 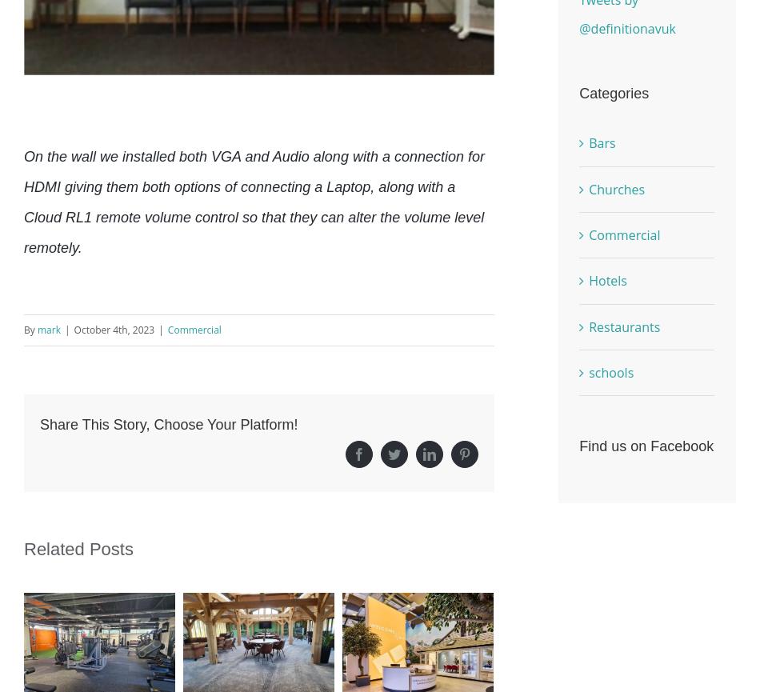 What do you see at coordinates (601, 142) in the screenshot?
I see `'Bars'` at bounding box center [601, 142].